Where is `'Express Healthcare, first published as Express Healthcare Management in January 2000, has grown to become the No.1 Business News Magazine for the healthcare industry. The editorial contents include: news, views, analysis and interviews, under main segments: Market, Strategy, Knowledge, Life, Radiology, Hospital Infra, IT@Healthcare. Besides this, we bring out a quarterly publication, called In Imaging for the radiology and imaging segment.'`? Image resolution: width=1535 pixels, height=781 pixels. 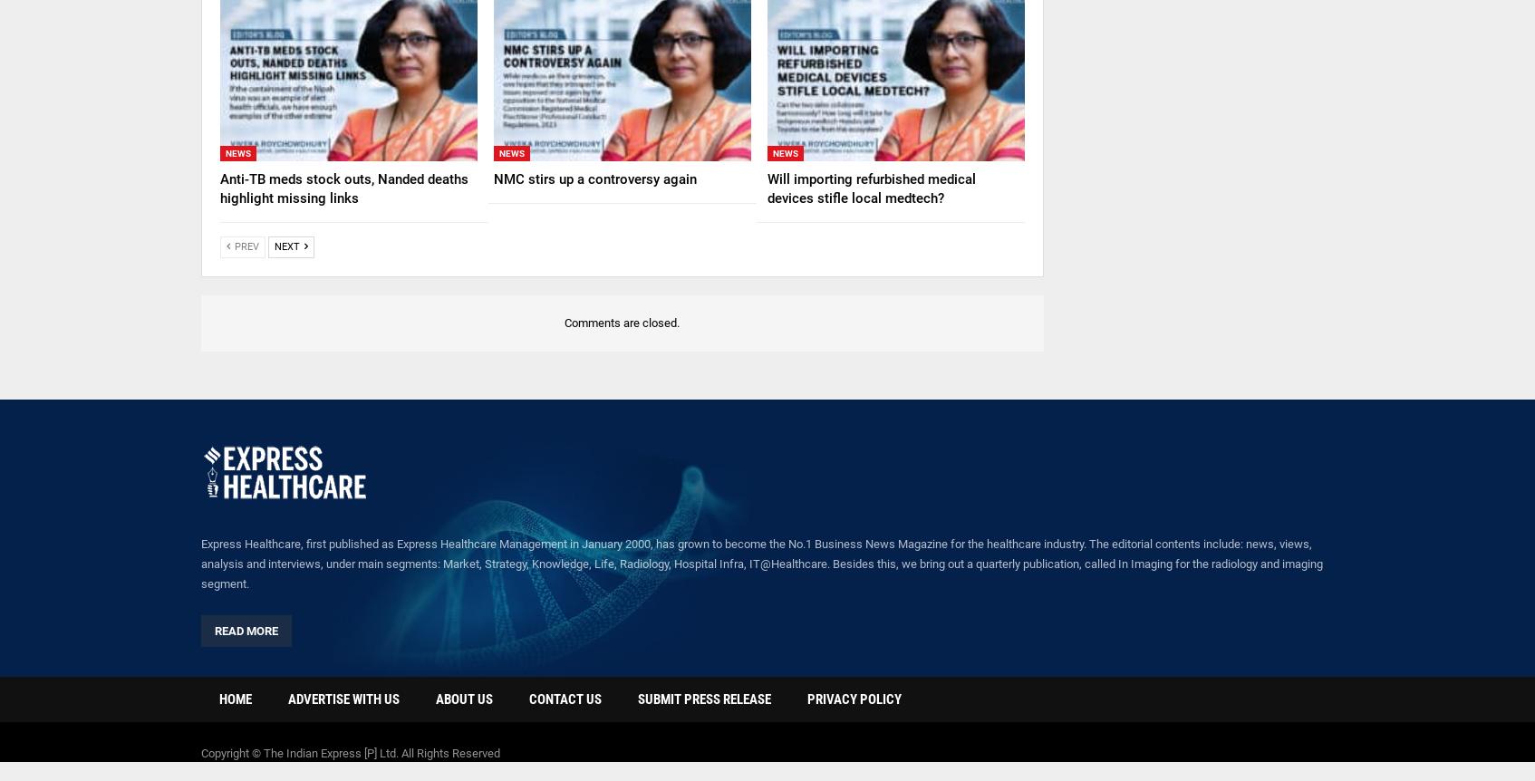 'Express Healthcare, first published as Express Healthcare Management in January 2000, has grown to become the No.1 Business News Magazine for the healthcare industry. The editorial contents include: news, views, analysis and interviews, under main segments: Market, Strategy, Knowledge, Life, Radiology, Hospital Infra, IT@Healthcare. Besides this, we bring out a quarterly publication, called In Imaging for the radiology and imaging segment.' is located at coordinates (762, 564).